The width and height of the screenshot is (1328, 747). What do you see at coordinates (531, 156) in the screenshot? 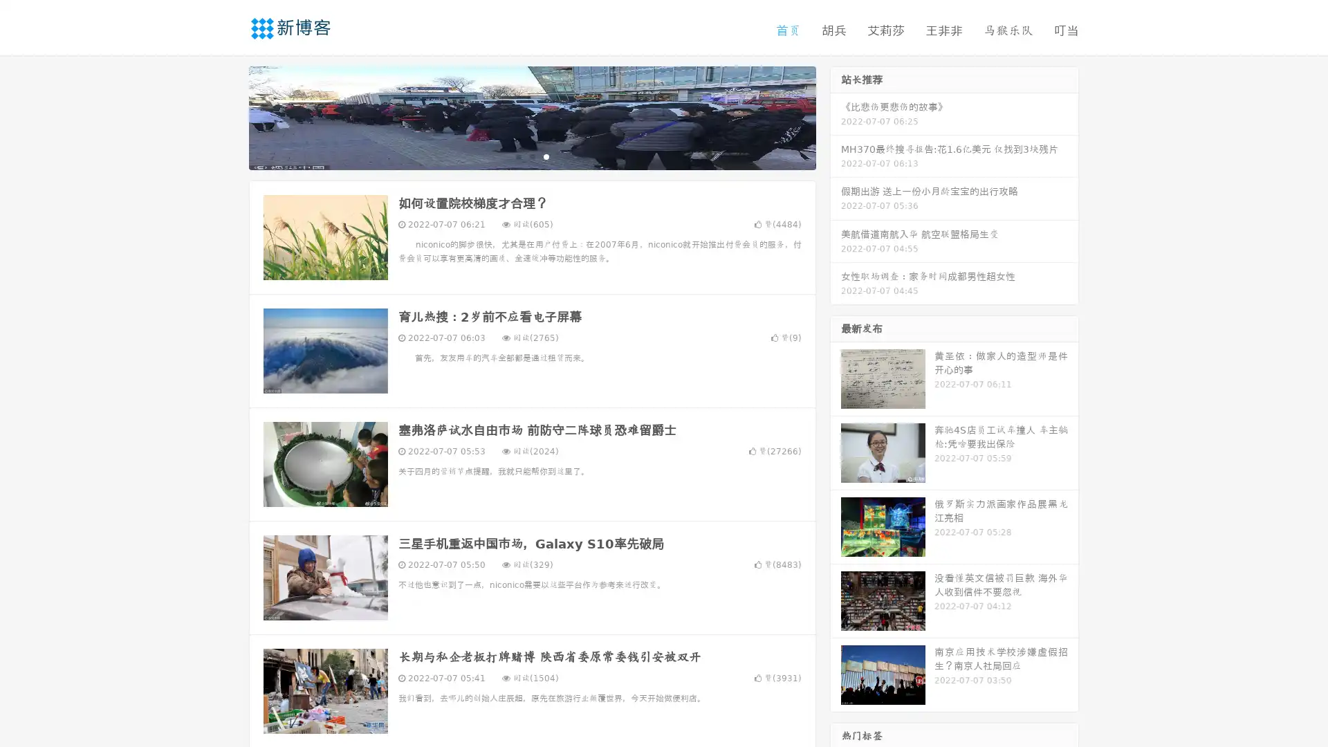
I see `Go to slide 2` at bounding box center [531, 156].